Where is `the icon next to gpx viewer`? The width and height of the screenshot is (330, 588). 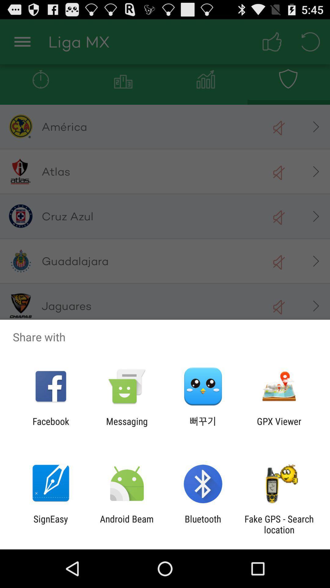
the icon next to gpx viewer is located at coordinates (203, 426).